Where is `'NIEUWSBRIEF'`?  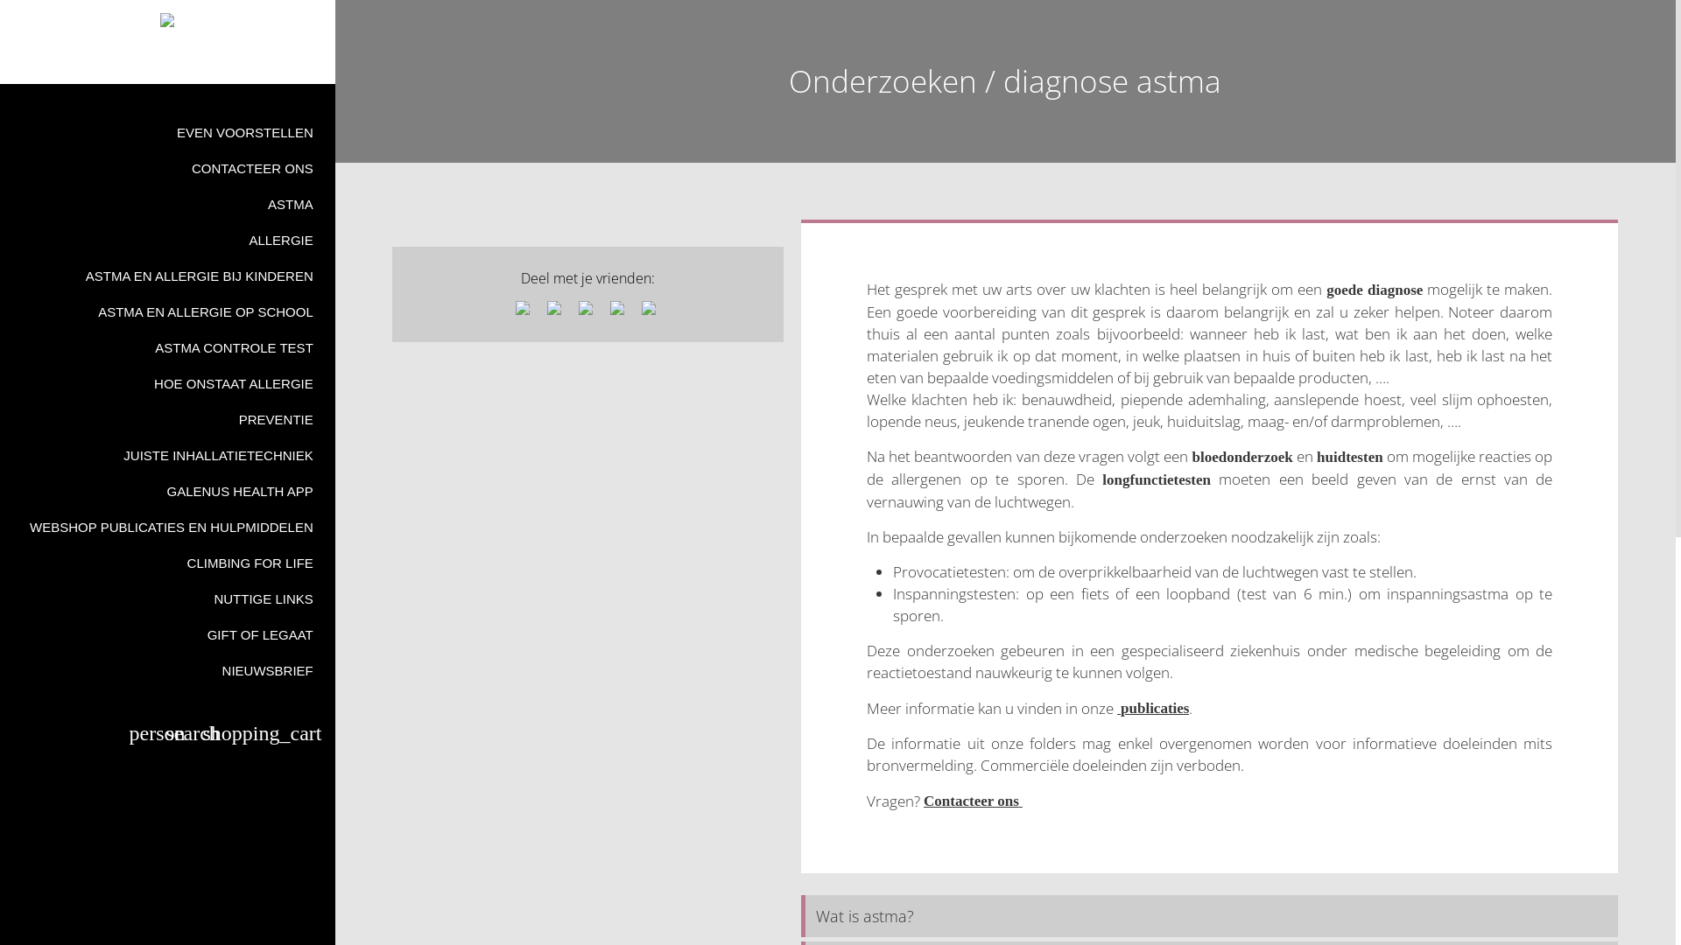
'NIEUWSBRIEF' is located at coordinates (0, 669).